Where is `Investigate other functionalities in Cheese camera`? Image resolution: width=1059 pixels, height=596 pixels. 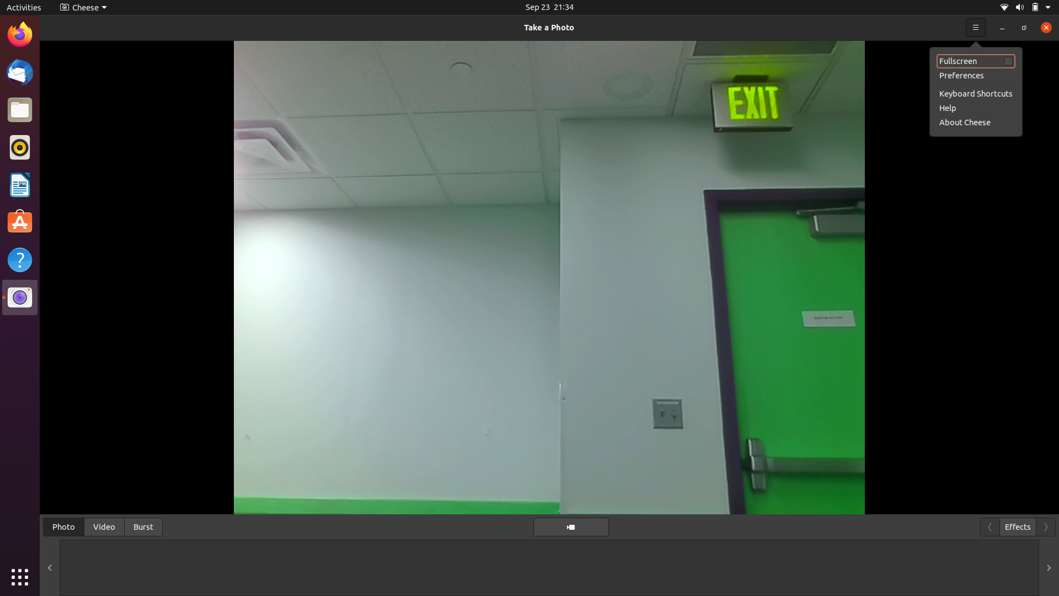 Investigate other functionalities in Cheese camera is located at coordinates (81, 7).